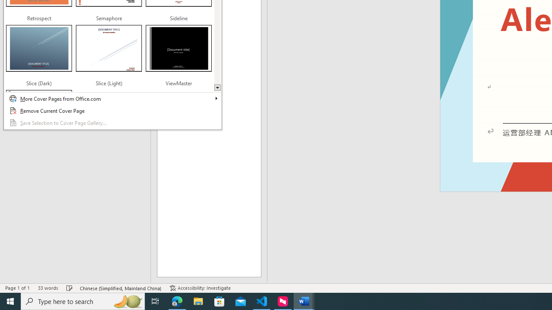  What do you see at coordinates (155, 301) in the screenshot?
I see `'Task View'` at bounding box center [155, 301].